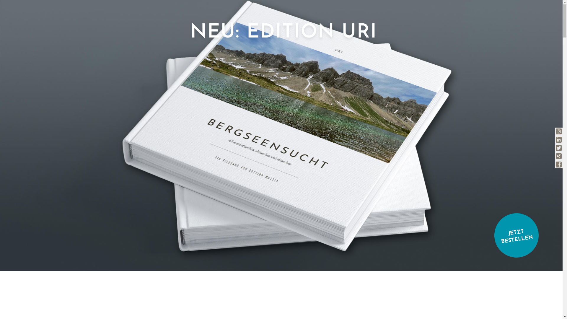  Describe the element at coordinates (513, 232) in the screenshot. I see `'JETZT BESTELLEN'` at that location.